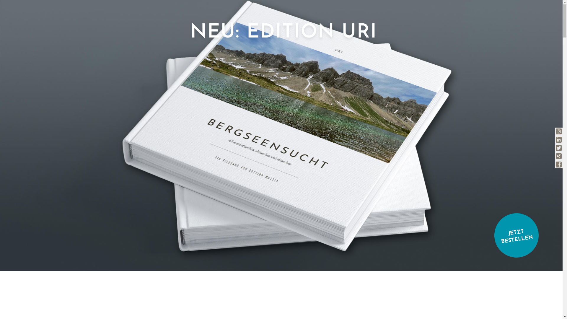  Describe the element at coordinates (513, 232) in the screenshot. I see `'JETZT BESTELLEN'` at that location.